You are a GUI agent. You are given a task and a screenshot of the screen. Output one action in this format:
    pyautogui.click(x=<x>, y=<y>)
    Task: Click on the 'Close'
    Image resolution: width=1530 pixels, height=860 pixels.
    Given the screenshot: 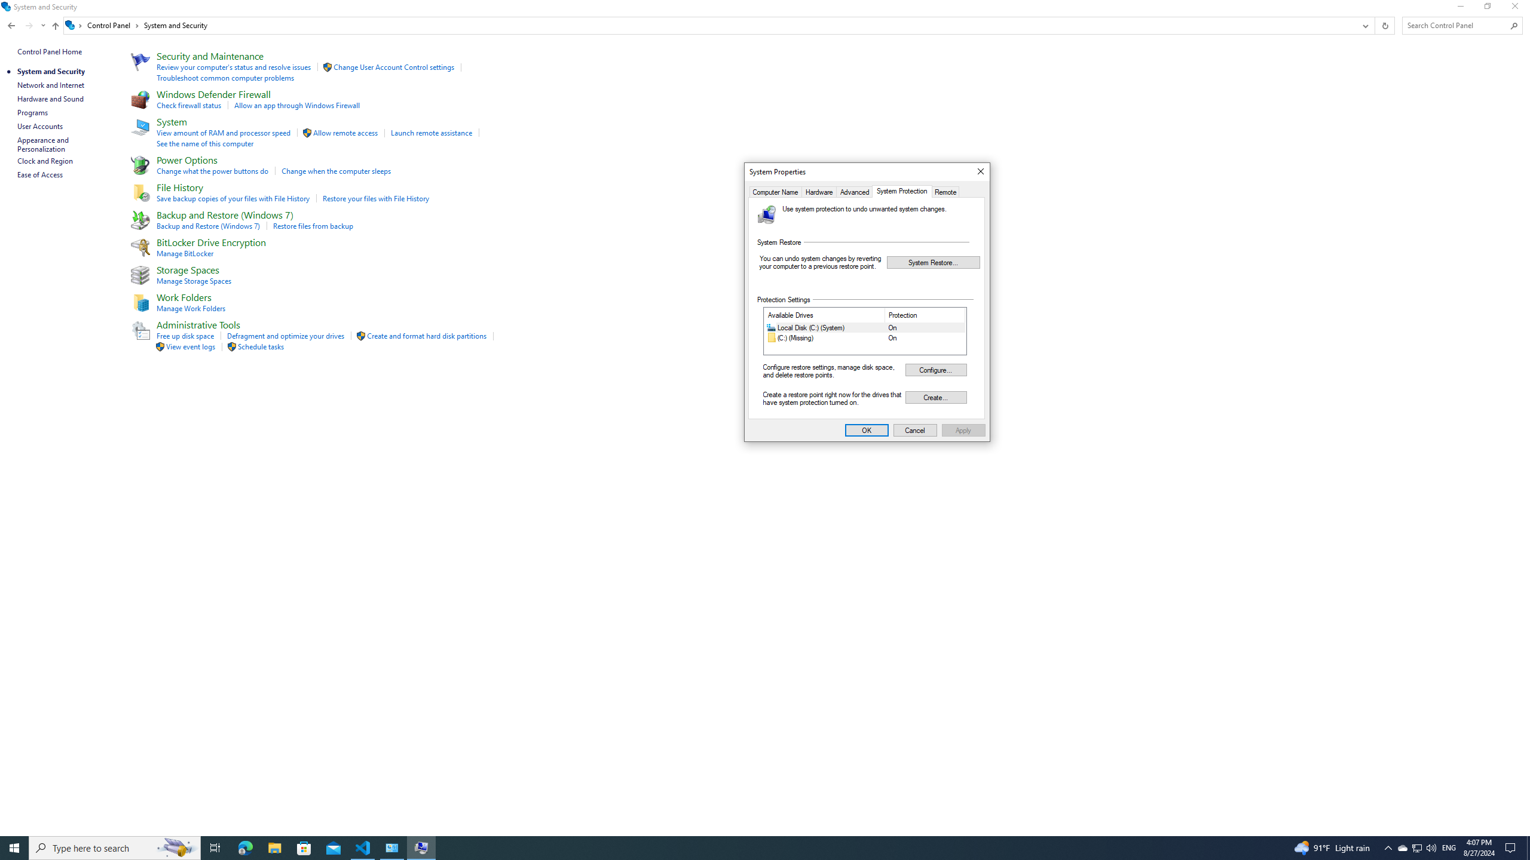 What is the action you would take?
    pyautogui.click(x=979, y=171)
    